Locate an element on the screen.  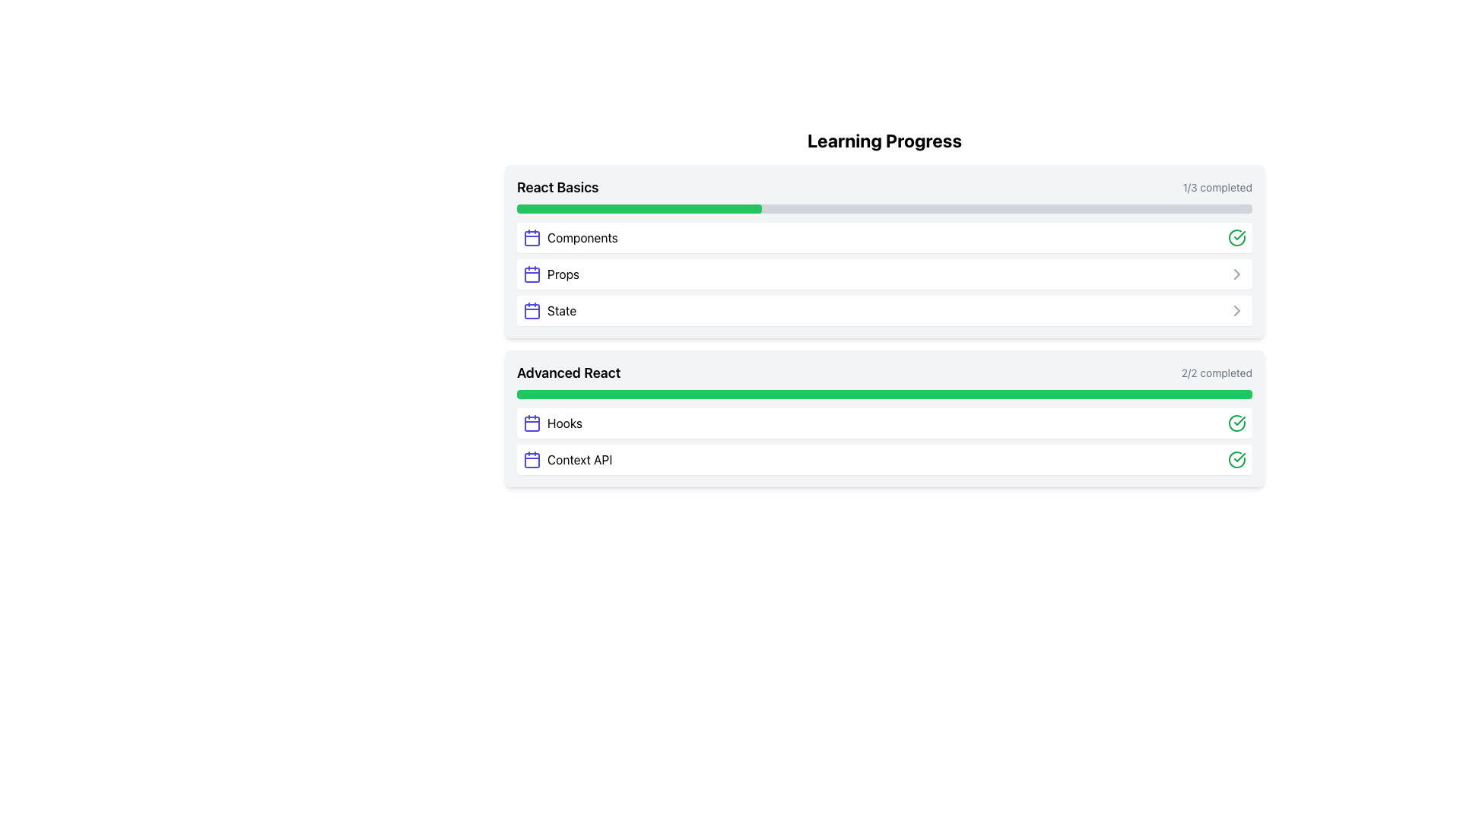
the second interactive icon on the far right side to trigger the tooltip is located at coordinates (1237, 274).